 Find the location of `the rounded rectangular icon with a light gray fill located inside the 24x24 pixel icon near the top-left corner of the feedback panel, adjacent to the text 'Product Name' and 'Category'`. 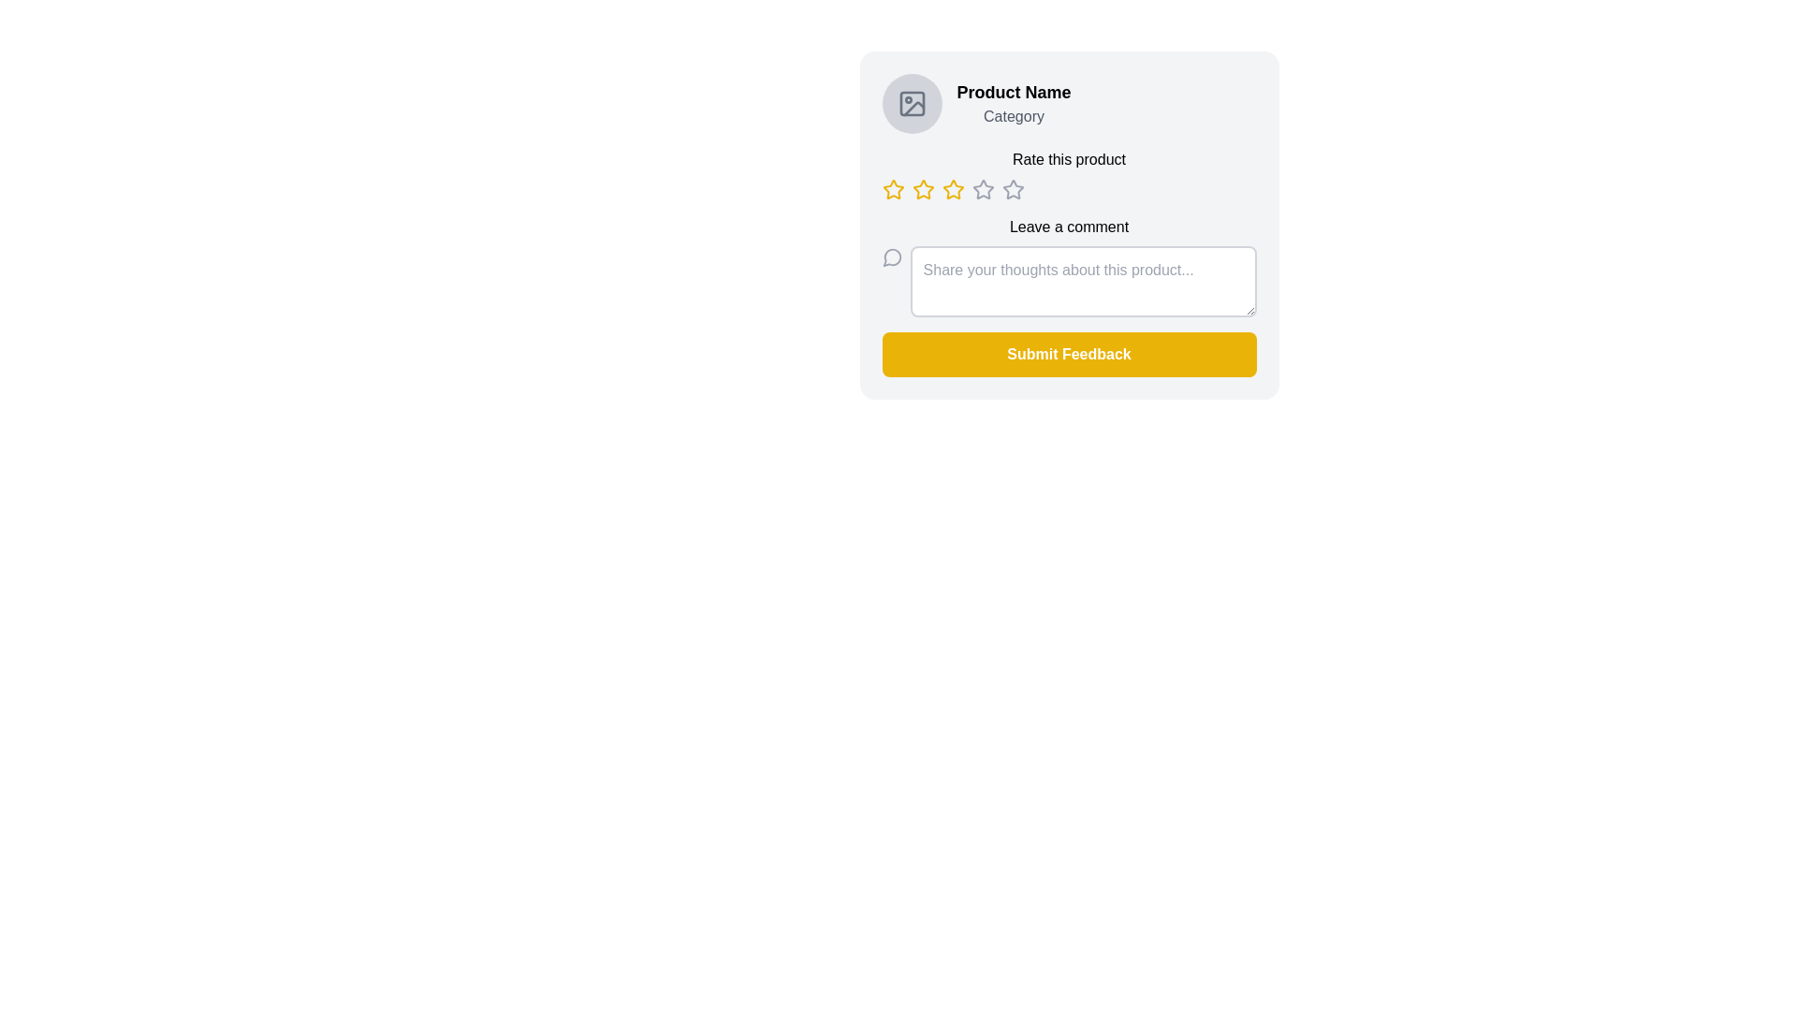

the rounded rectangular icon with a light gray fill located inside the 24x24 pixel icon near the top-left corner of the feedback panel, adjacent to the text 'Product Name' and 'Category' is located at coordinates (912, 104).